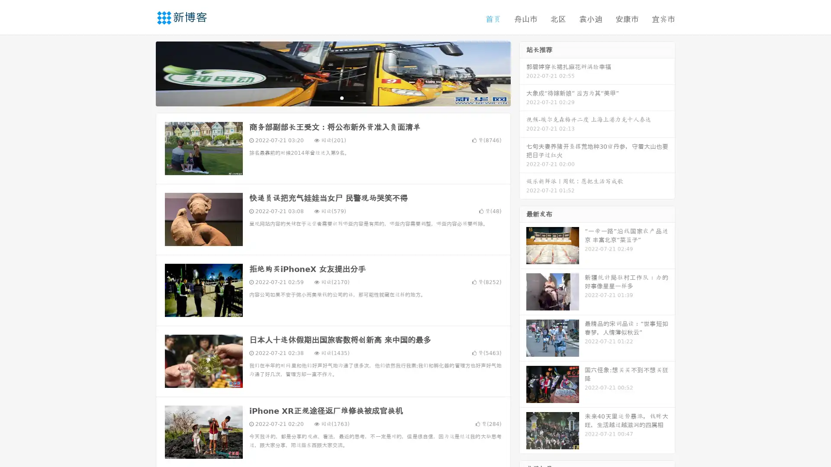 Image resolution: width=831 pixels, height=467 pixels. Describe the element at coordinates (523, 73) in the screenshot. I see `Next slide` at that location.